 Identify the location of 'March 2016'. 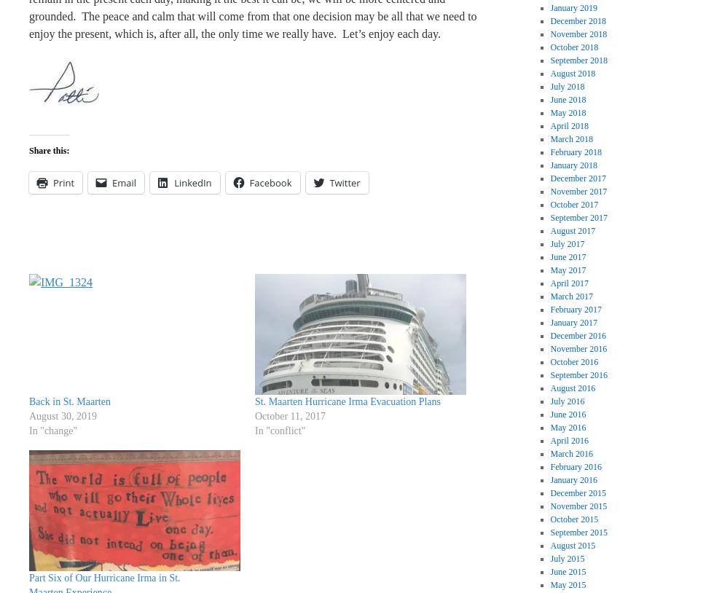
(571, 454).